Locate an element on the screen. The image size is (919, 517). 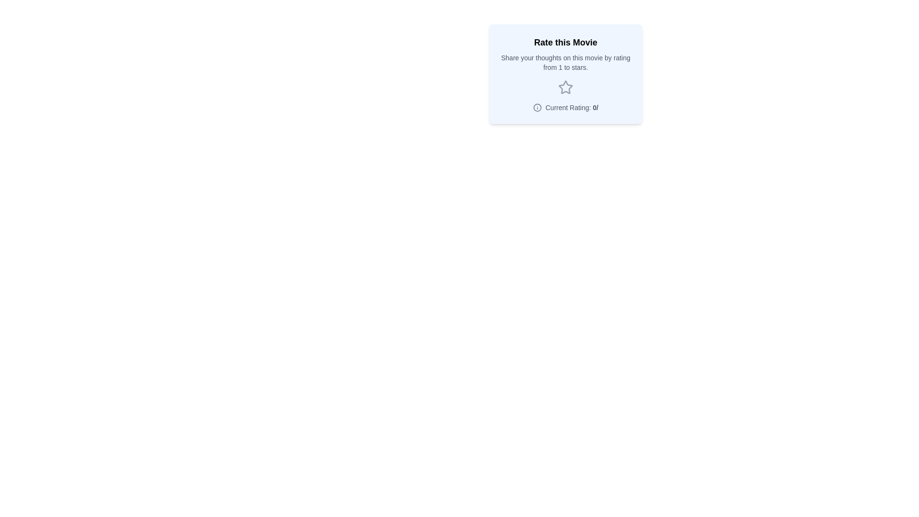
the star icon in the rating interface is located at coordinates (565, 87).